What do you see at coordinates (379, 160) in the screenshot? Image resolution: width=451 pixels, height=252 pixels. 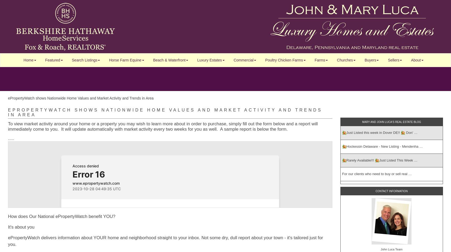 I see `'🏡Rarely Available!!! 🏡Just Listed This Week …'` at bounding box center [379, 160].